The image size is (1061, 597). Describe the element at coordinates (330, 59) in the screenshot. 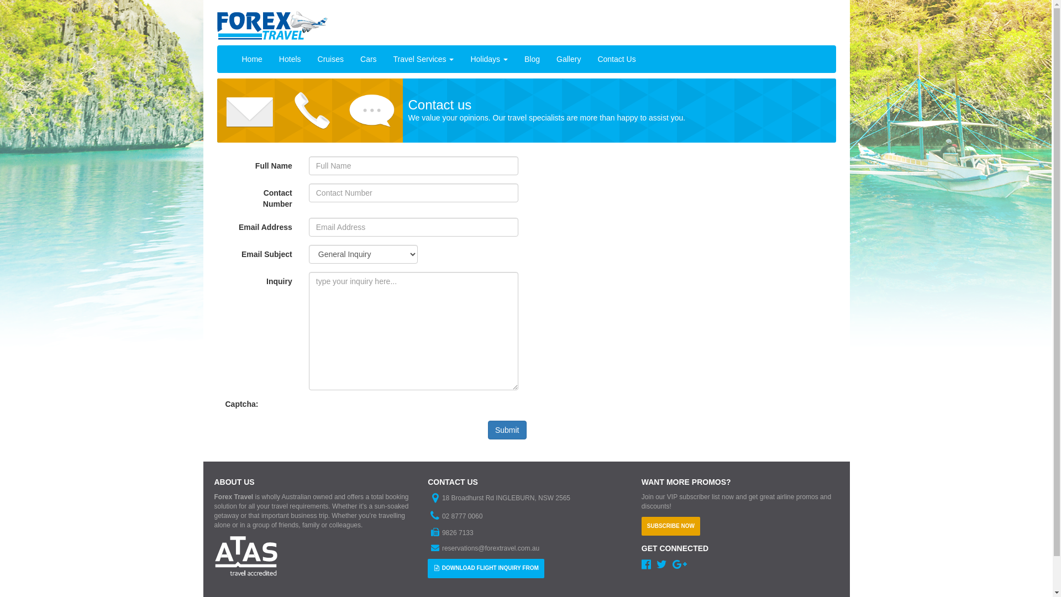

I see `'Cruises'` at that location.